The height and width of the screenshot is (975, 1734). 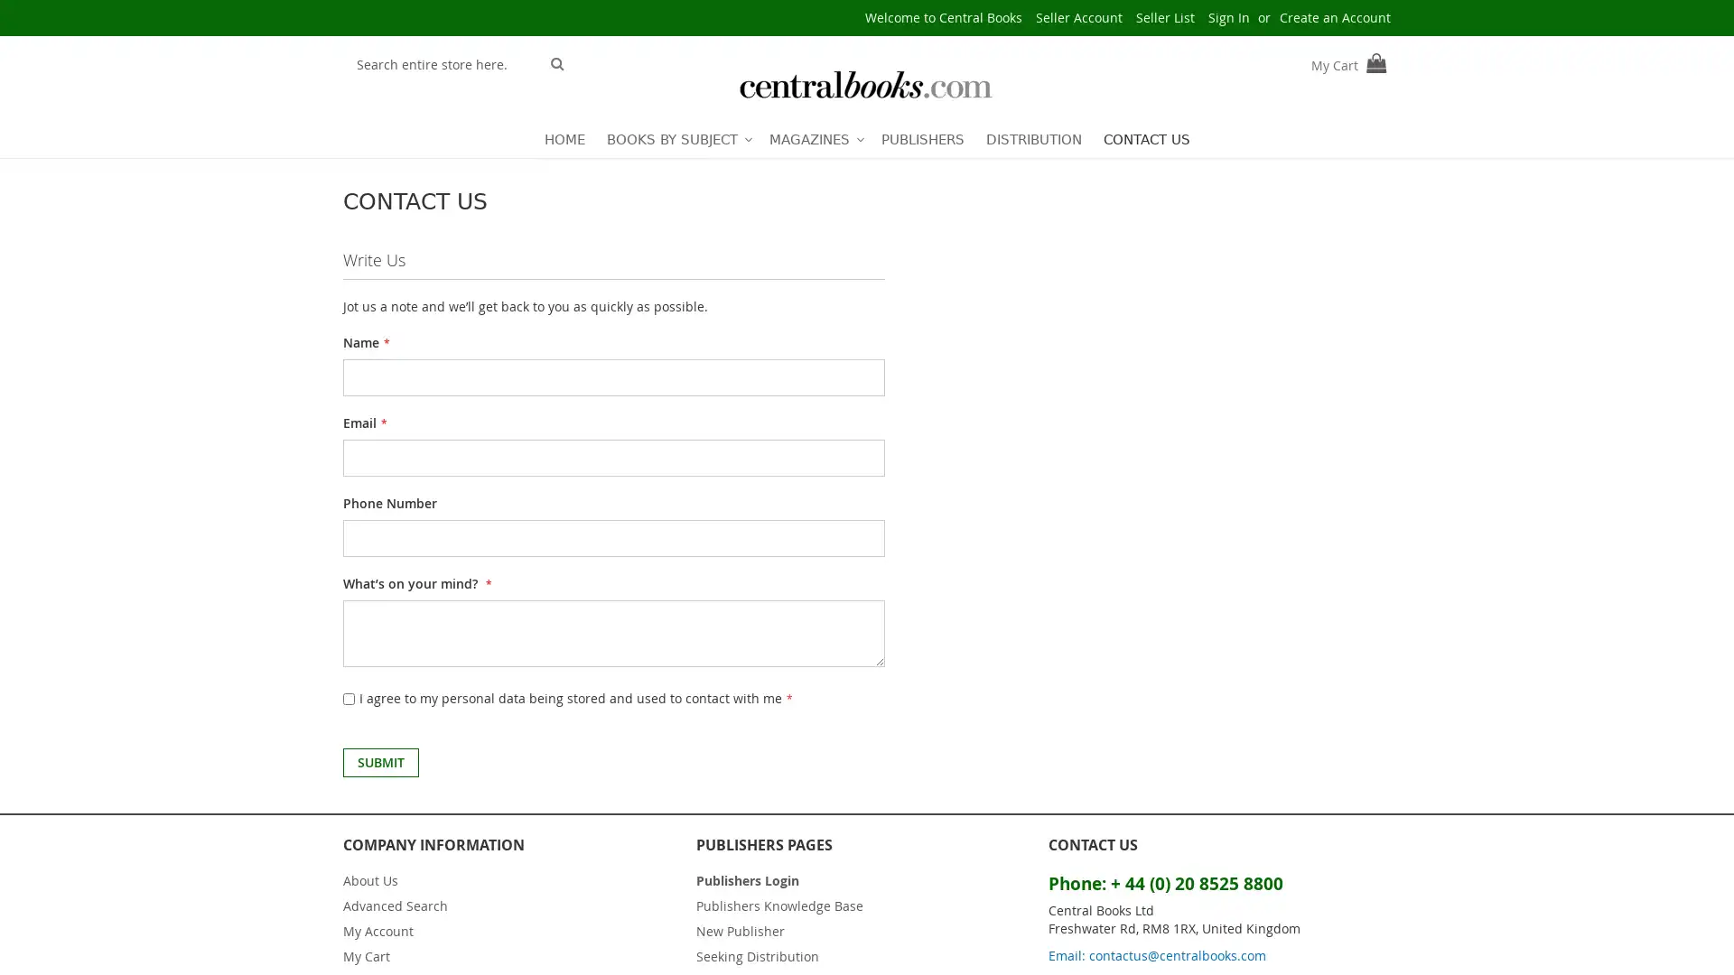 What do you see at coordinates (380, 762) in the screenshot?
I see `SUBMIT` at bounding box center [380, 762].